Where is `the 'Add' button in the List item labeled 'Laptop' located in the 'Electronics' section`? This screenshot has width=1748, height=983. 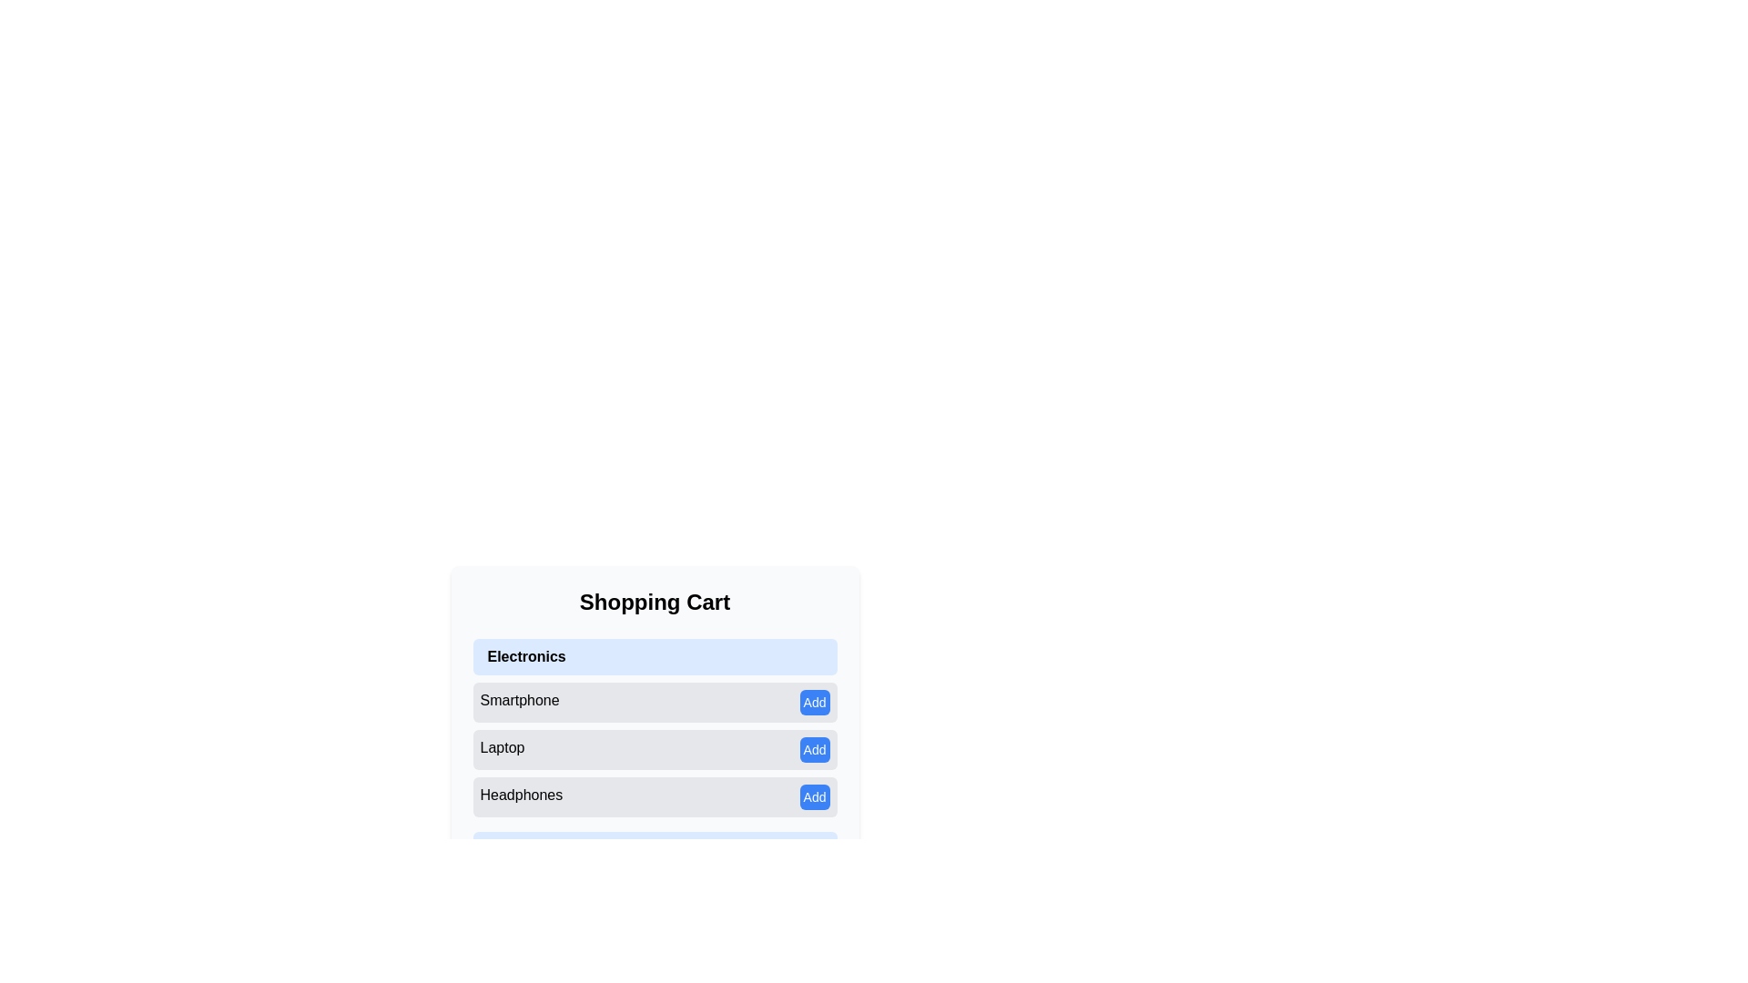 the 'Add' button in the List item labeled 'Laptop' located in the 'Electronics' section is located at coordinates (655, 750).